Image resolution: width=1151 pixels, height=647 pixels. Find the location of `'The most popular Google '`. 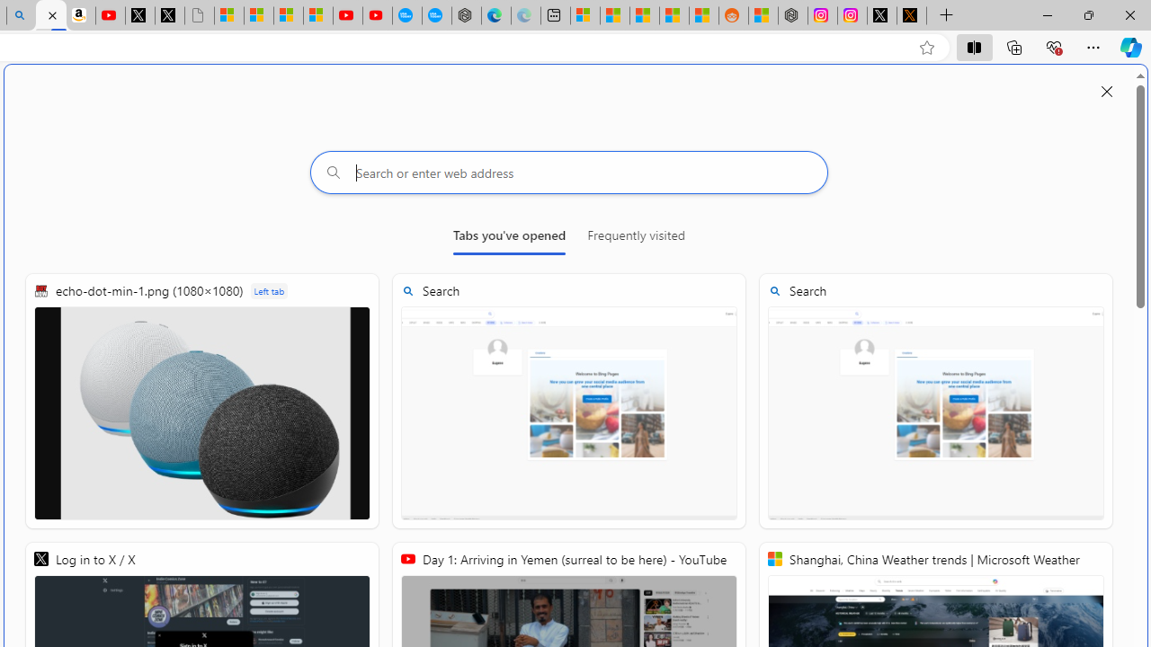

'The most popular Google ' is located at coordinates (436, 15).